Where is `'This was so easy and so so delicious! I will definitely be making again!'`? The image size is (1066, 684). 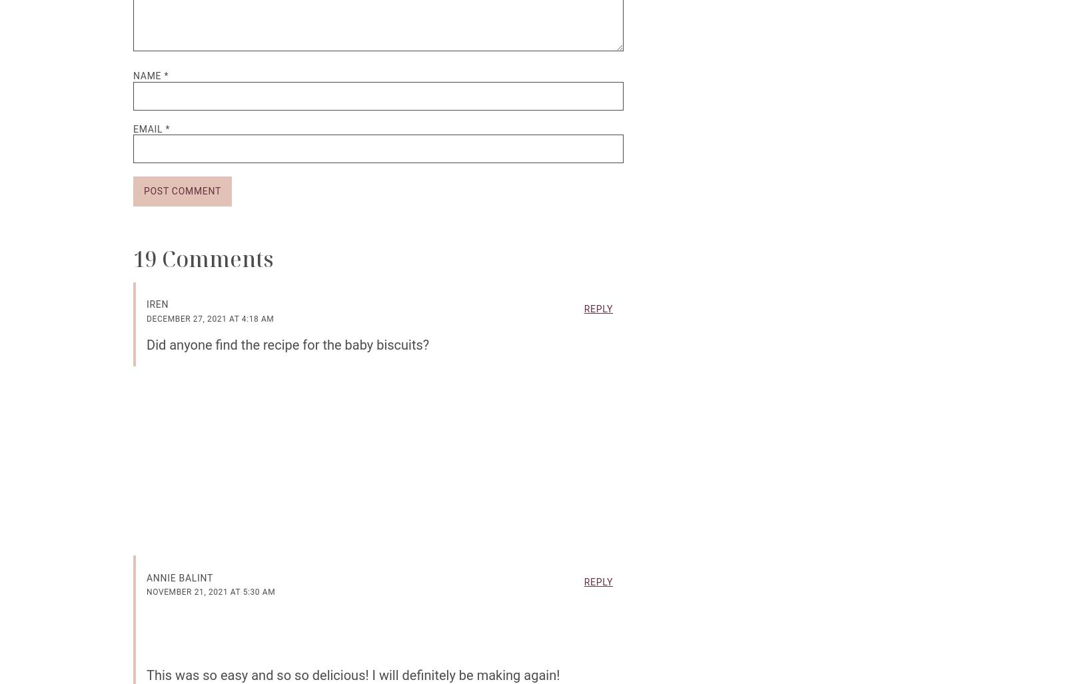 'This was so easy and so so delicious! I will definitely be making again!' is located at coordinates (352, 674).